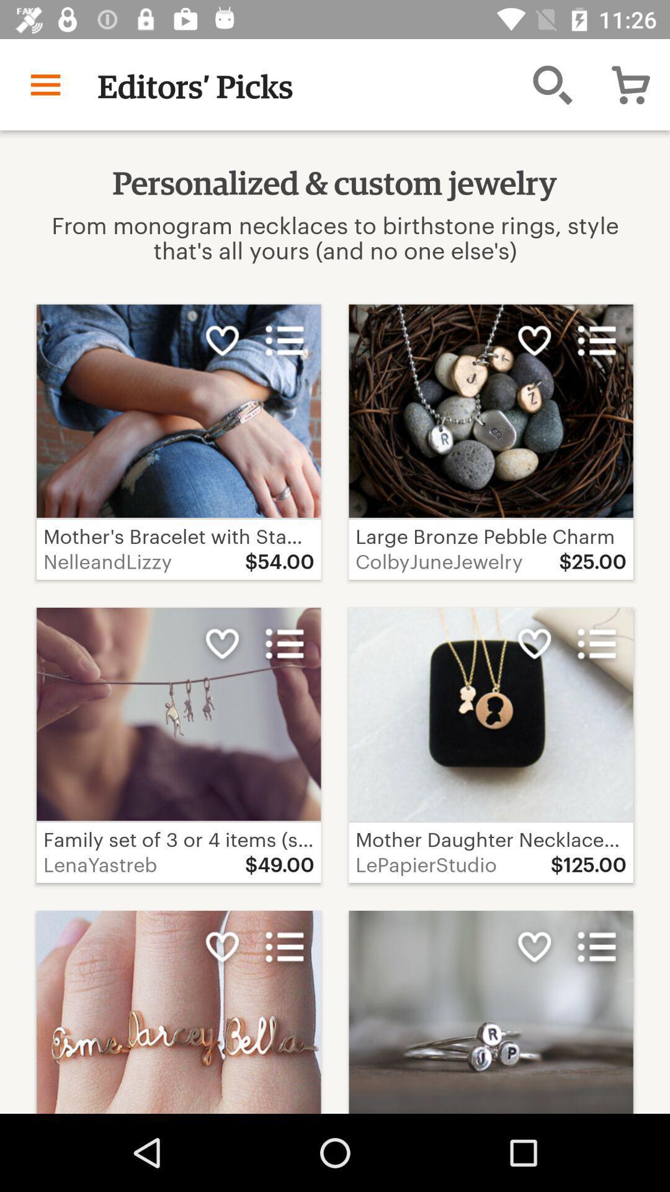 Image resolution: width=670 pixels, height=1192 pixels. I want to click on menu button on the second left image from top, so click(285, 644).